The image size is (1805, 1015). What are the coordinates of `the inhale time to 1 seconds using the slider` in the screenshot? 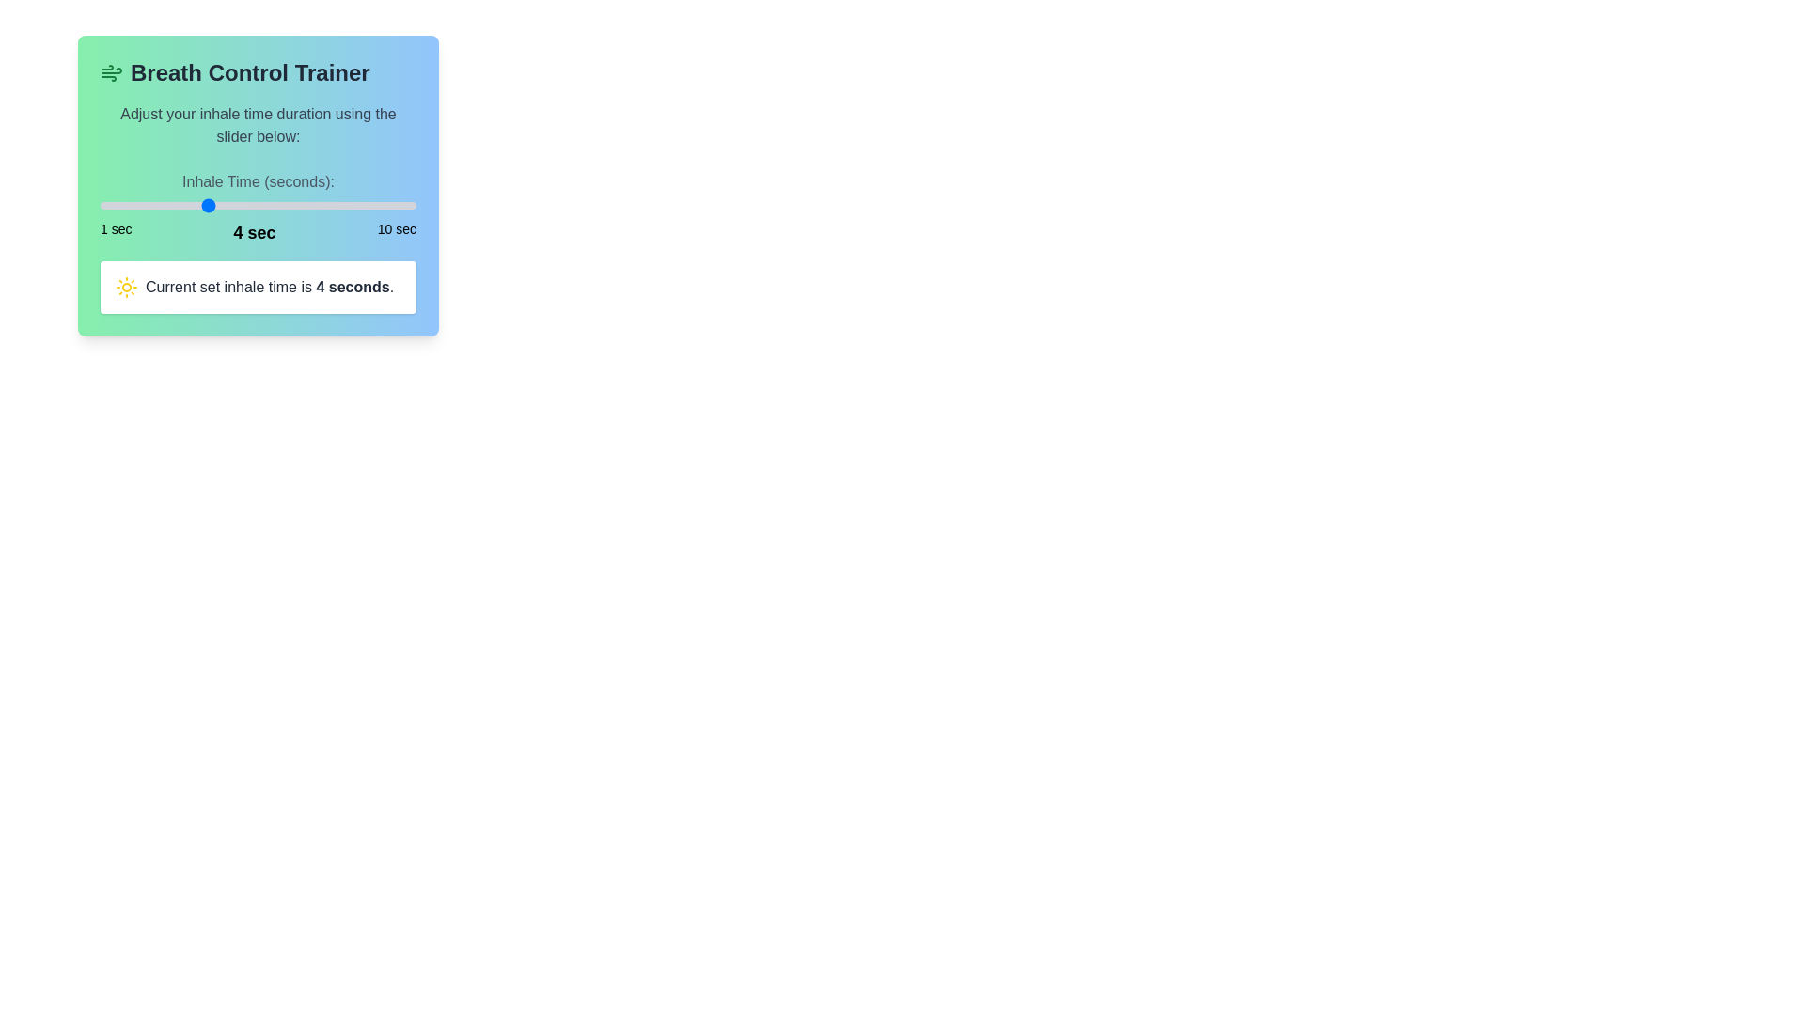 It's located at (99, 206).